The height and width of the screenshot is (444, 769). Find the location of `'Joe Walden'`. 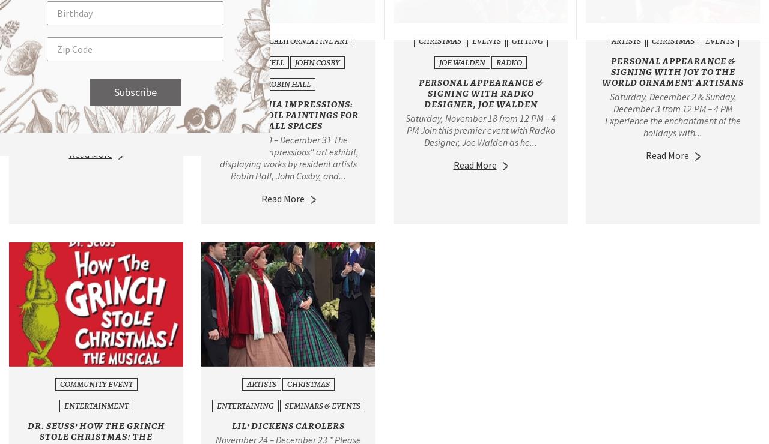

'Joe Walden' is located at coordinates (439, 62).